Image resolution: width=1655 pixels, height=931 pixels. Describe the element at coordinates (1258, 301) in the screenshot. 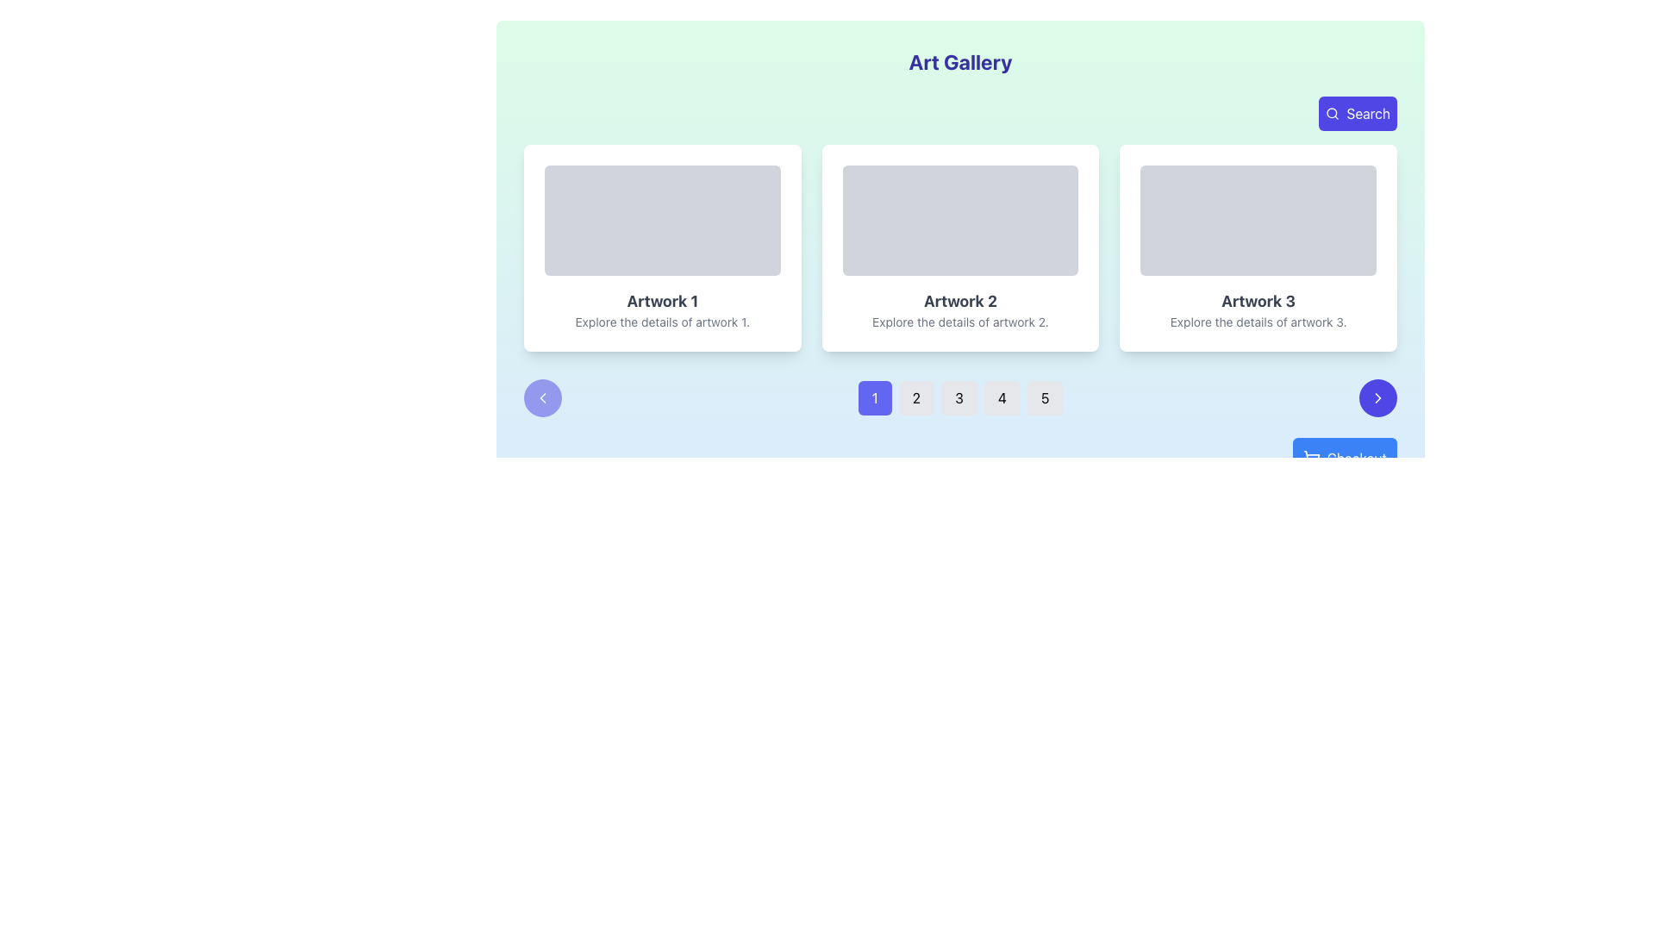

I see `the text label that identifies the artwork displayed in the third card of a horizontally oriented list, located below the image placeholder` at that location.